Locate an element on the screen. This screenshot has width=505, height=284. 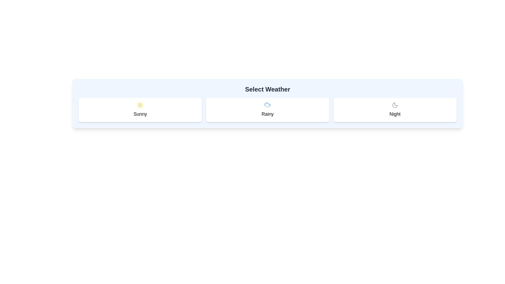
label 'Night' which visually identifies the 'Night' weather option located within the third weather card, positioned to the far right of a horizontal list of three cards is located at coordinates (395, 114).